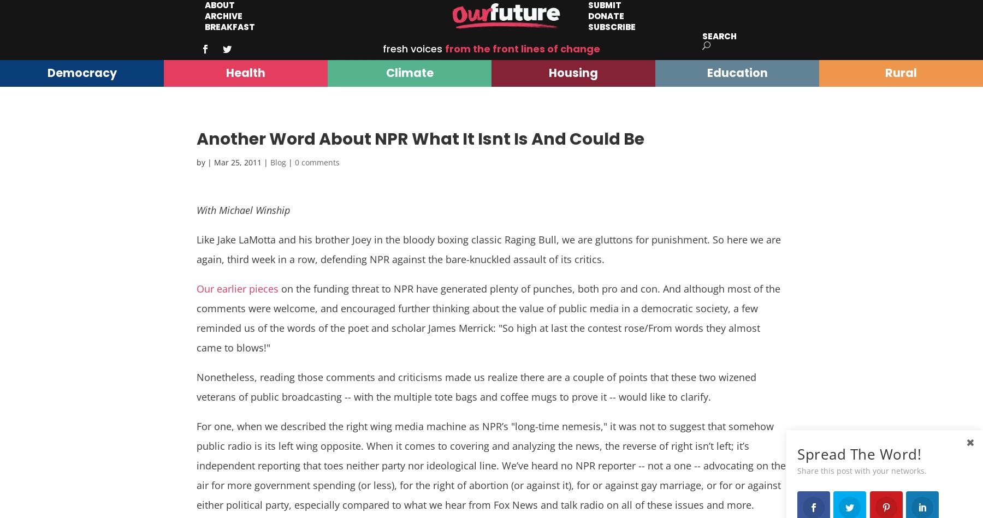  What do you see at coordinates (220, 5) in the screenshot?
I see `'About'` at bounding box center [220, 5].